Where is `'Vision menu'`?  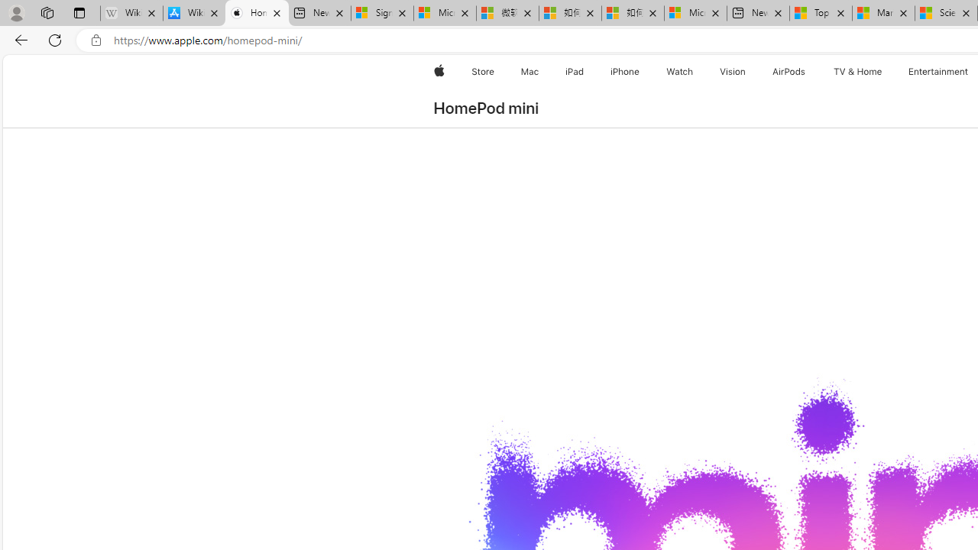
'Vision menu' is located at coordinates (749, 71).